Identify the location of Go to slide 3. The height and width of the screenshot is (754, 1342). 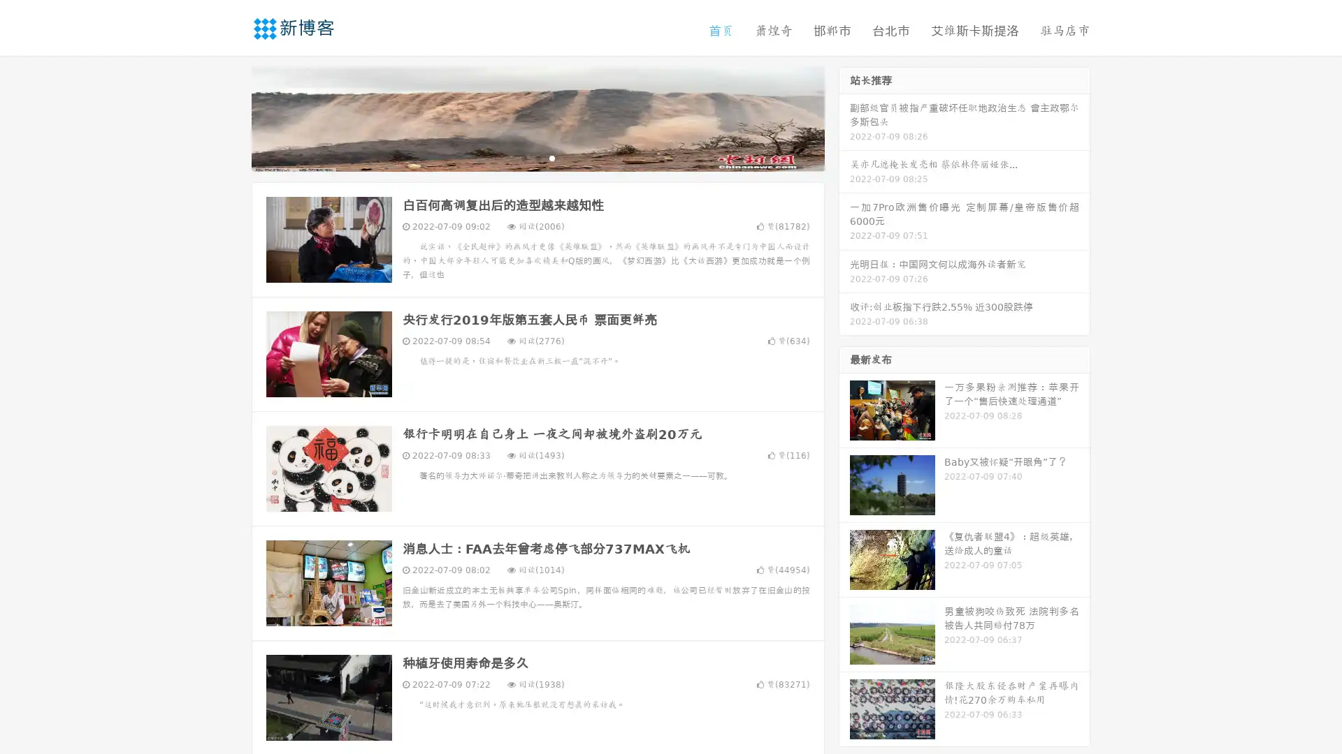
(551, 157).